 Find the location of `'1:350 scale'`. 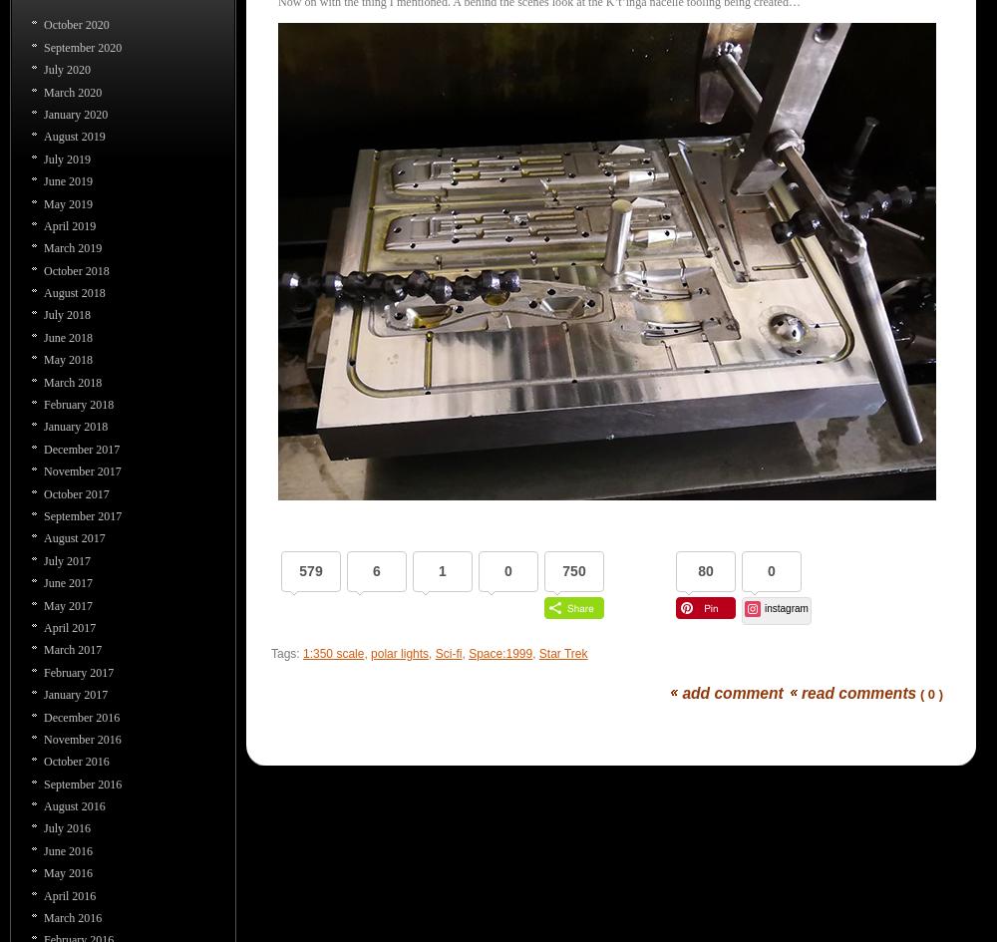

'1:350 scale' is located at coordinates (303, 651).